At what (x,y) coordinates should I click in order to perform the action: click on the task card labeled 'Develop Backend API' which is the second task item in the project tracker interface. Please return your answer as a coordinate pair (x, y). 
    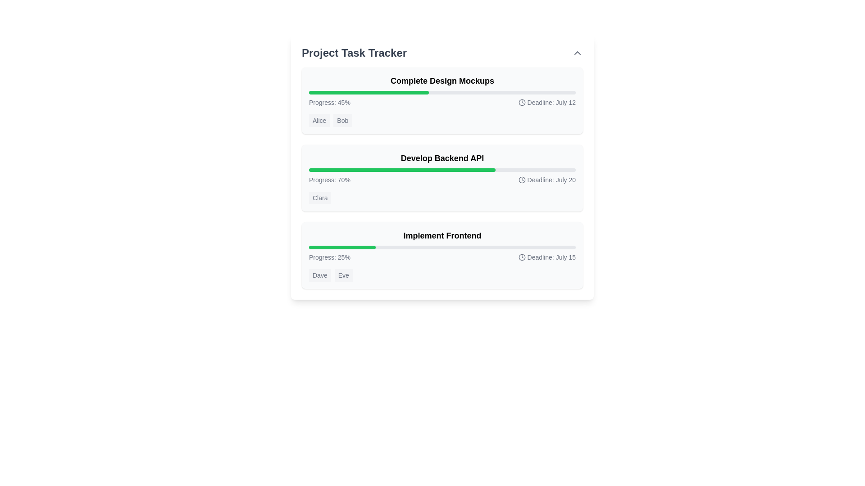
    Looking at the image, I should click on (442, 178).